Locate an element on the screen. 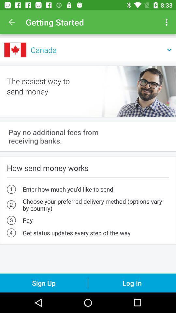 The width and height of the screenshot is (176, 313). item to the left of getting started icon is located at coordinates (12, 22).